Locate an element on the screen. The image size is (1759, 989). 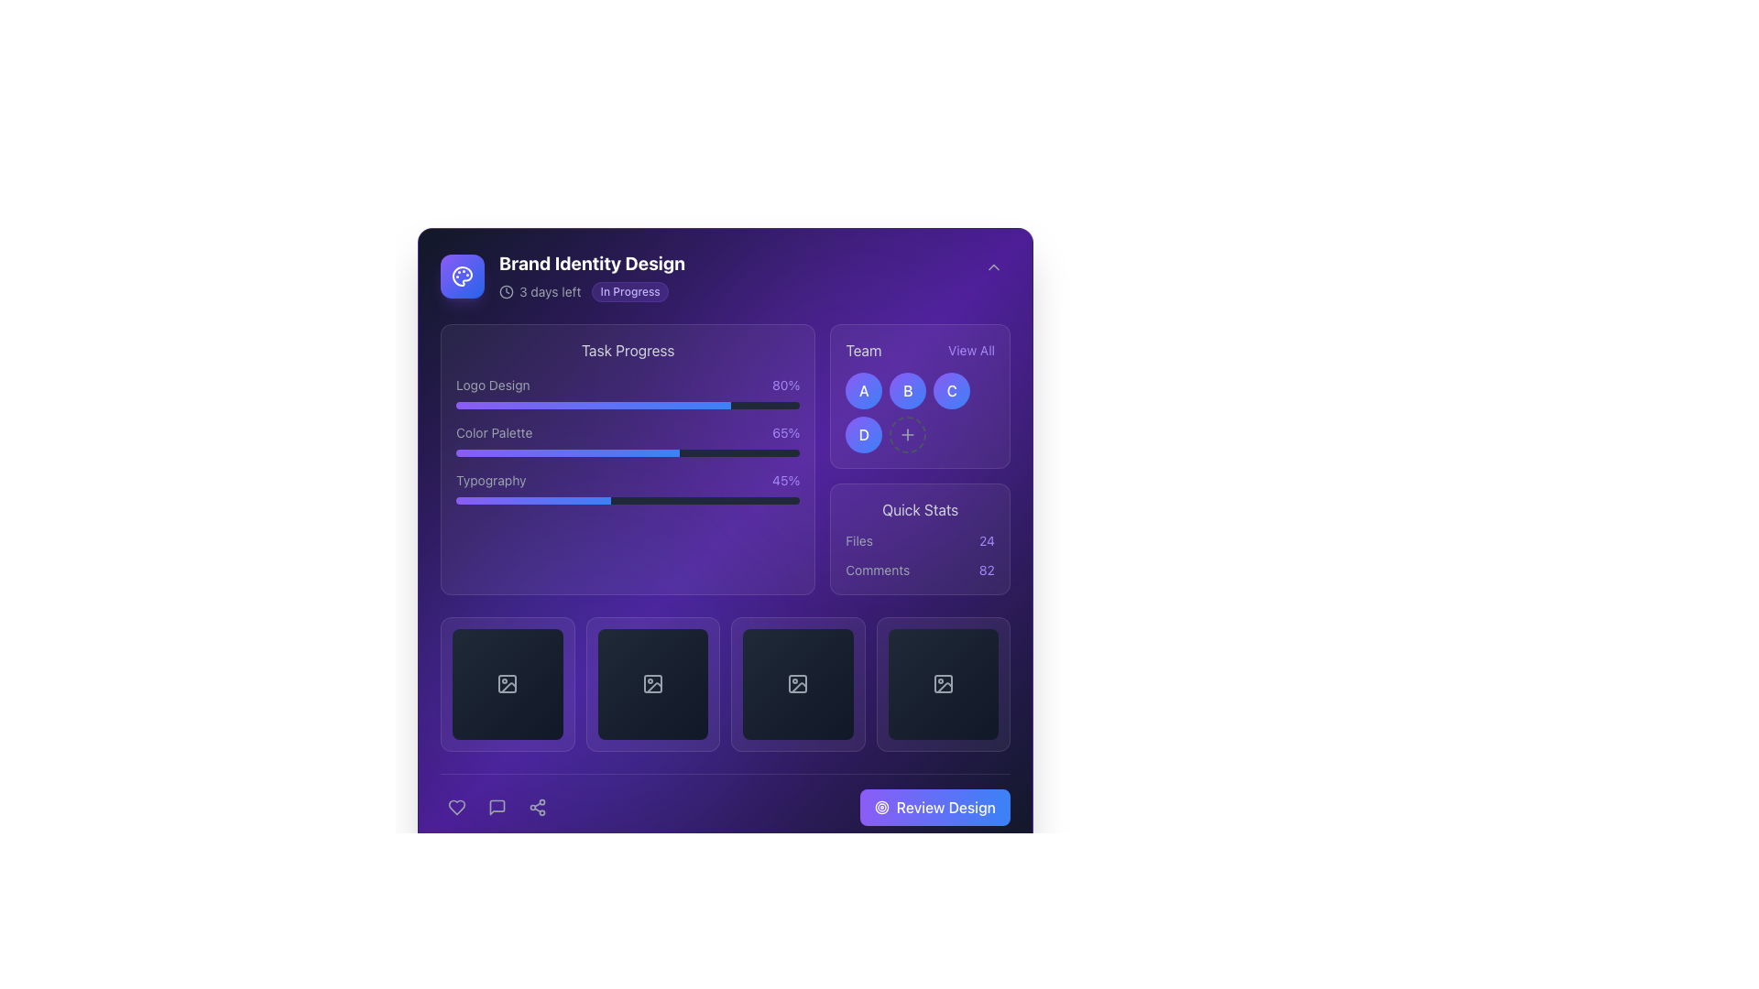
the heart-shaped icon at the bottom left of the application to like or favorite it is located at coordinates (457, 806).